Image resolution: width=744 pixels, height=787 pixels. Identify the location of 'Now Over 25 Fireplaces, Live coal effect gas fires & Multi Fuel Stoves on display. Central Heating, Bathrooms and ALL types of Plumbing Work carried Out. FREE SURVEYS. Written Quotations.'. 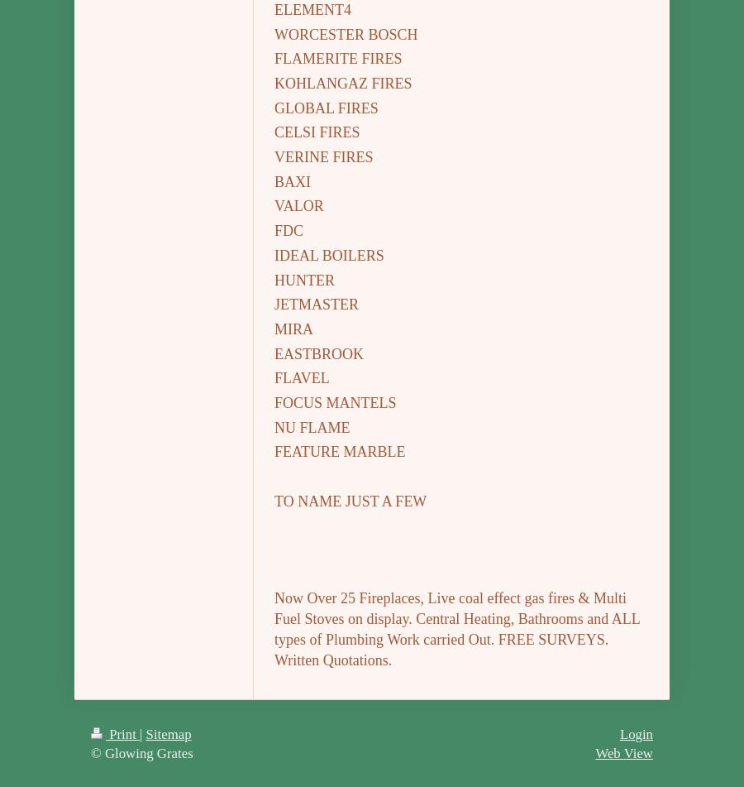
(455, 628).